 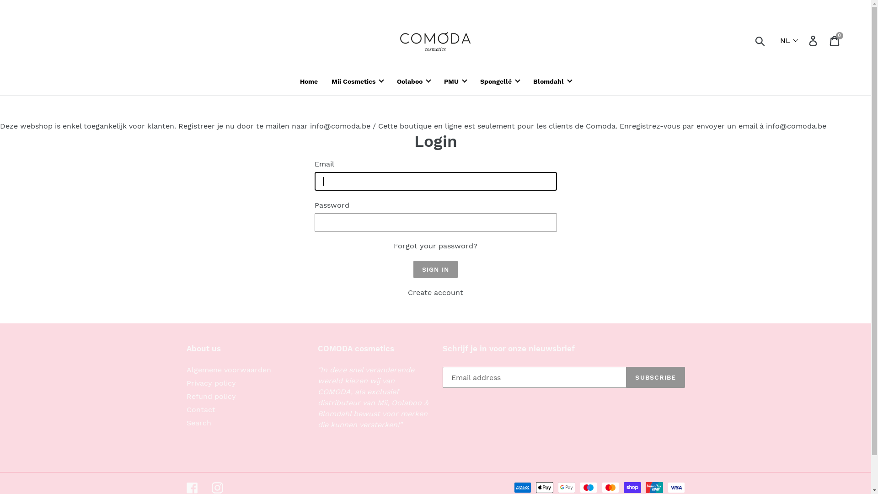 I want to click on 'Log in', so click(x=803, y=40).